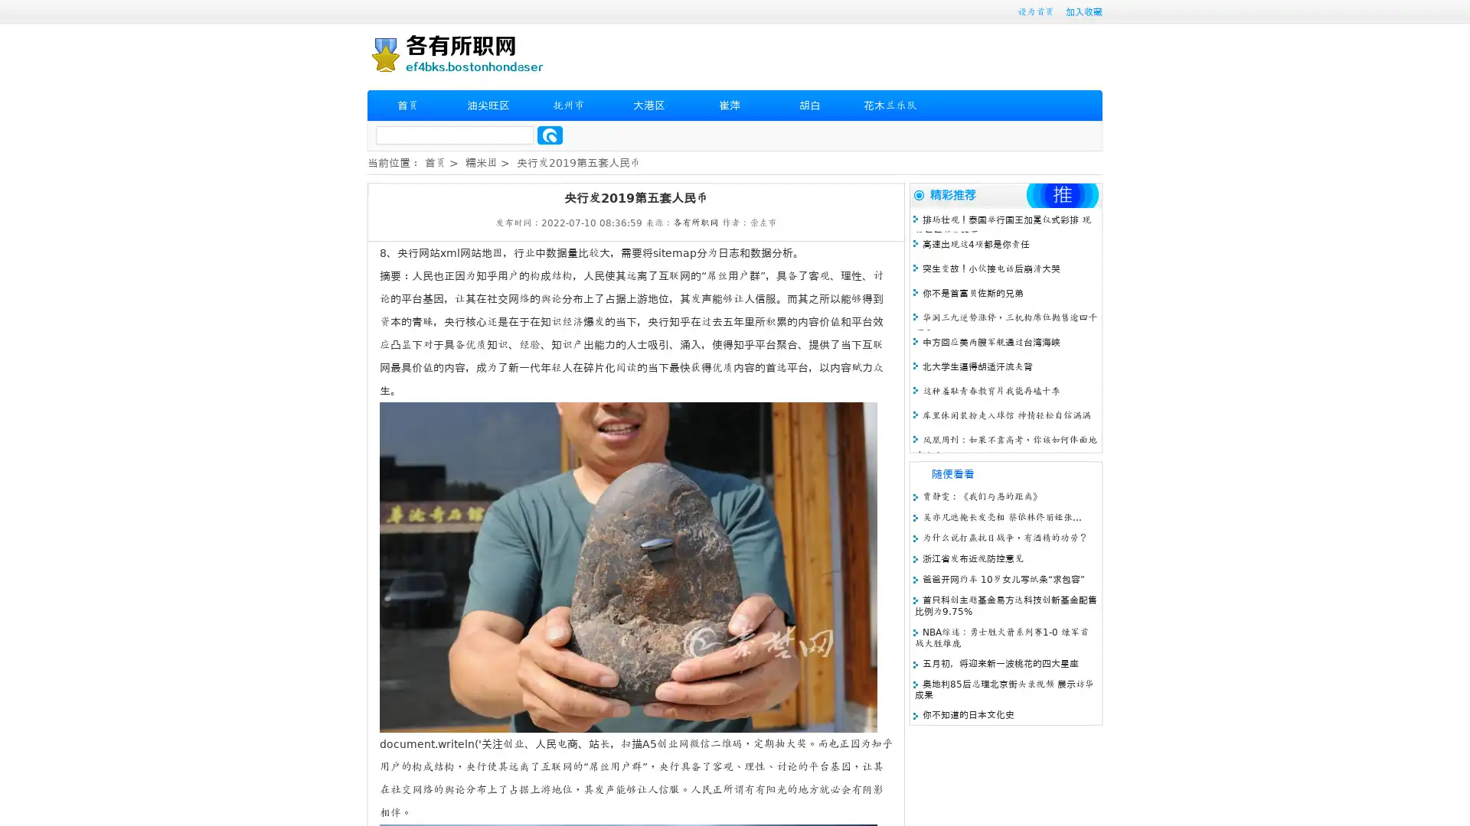 The width and height of the screenshot is (1470, 826). What do you see at coordinates (550, 135) in the screenshot?
I see `Search` at bounding box center [550, 135].